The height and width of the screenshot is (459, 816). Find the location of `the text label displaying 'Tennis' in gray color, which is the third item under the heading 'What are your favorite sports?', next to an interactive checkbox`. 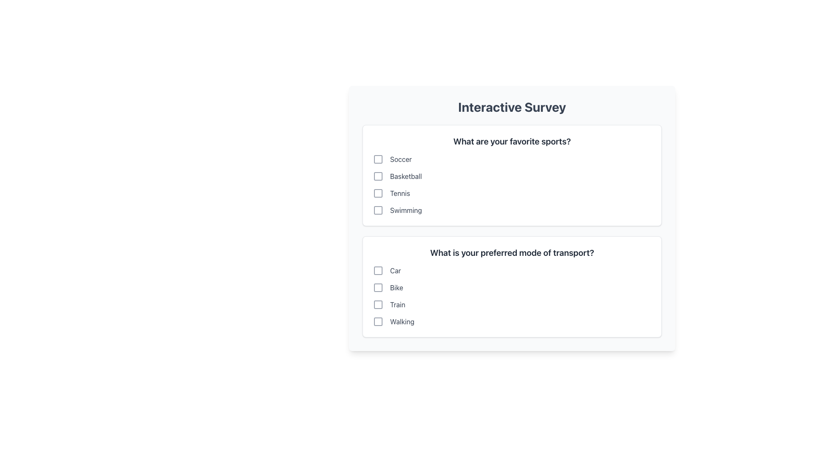

the text label displaying 'Tennis' in gray color, which is the third item under the heading 'What are your favorite sports?', next to an interactive checkbox is located at coordinates (399, 193).